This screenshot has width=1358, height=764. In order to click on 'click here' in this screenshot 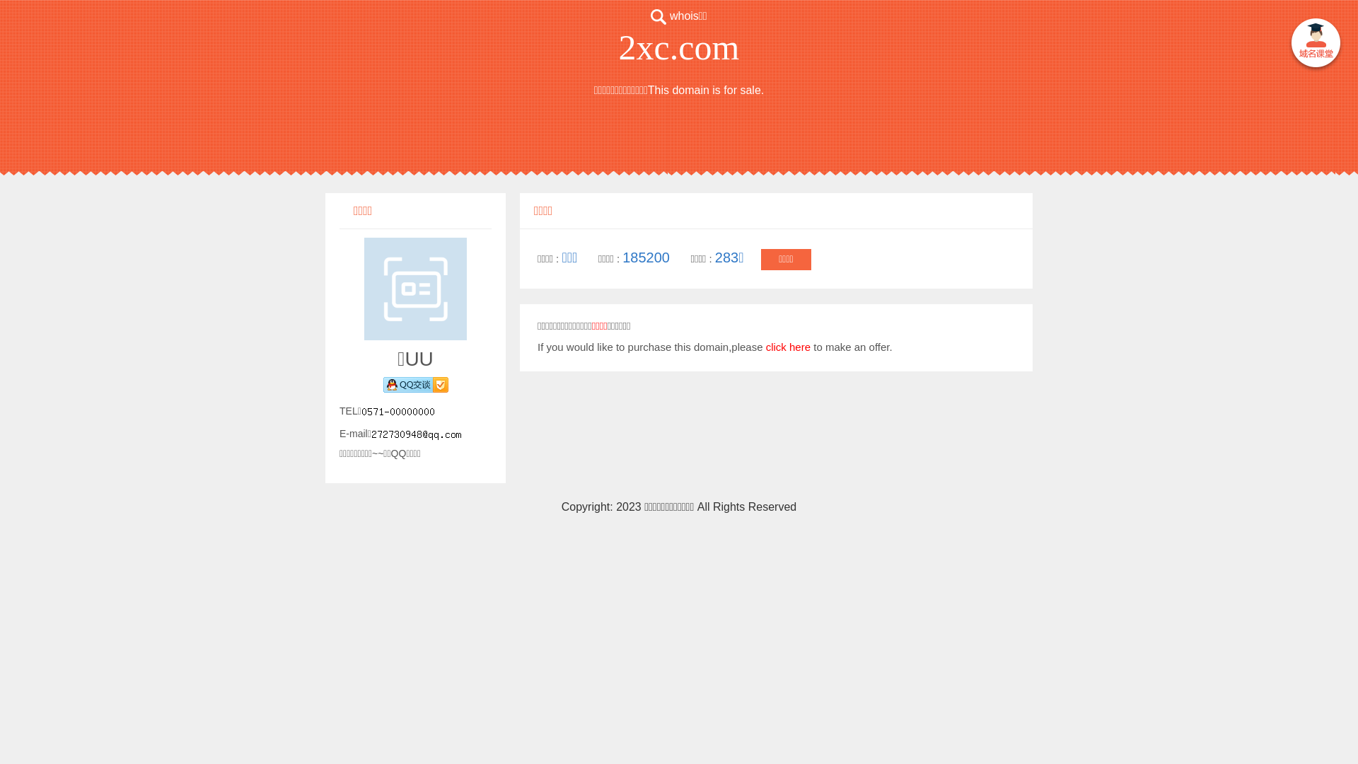, I will do `click(765, 347)`.